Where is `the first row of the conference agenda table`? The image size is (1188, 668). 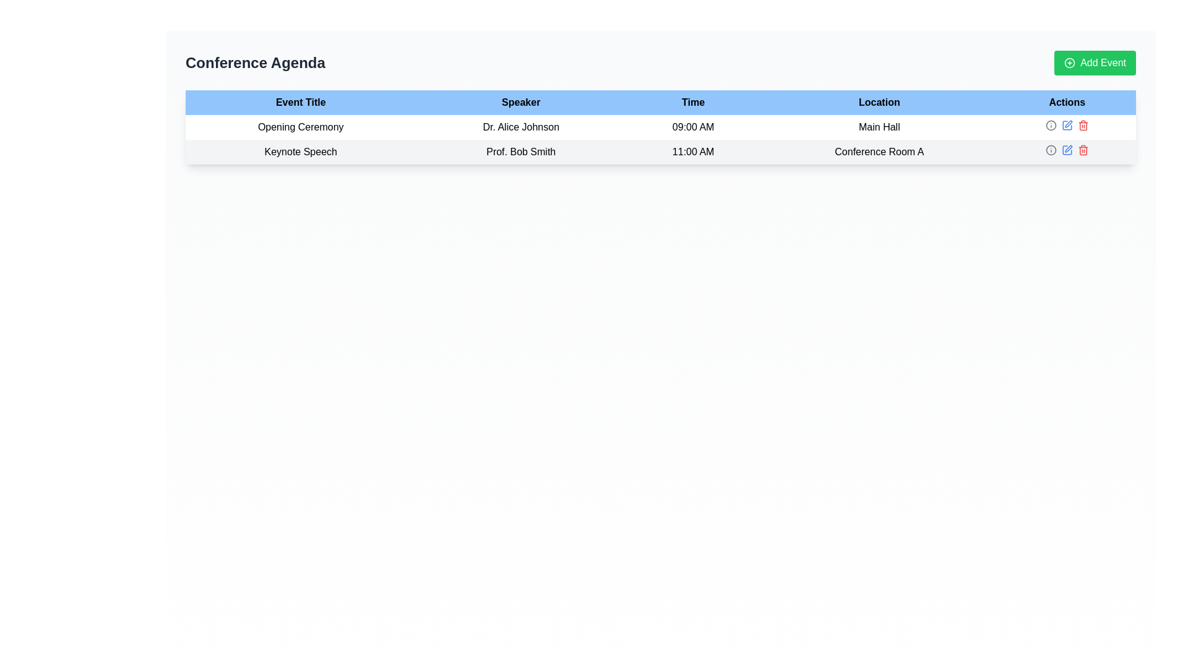 the first row of the conference agenda table is located at coordinates (660, 139).